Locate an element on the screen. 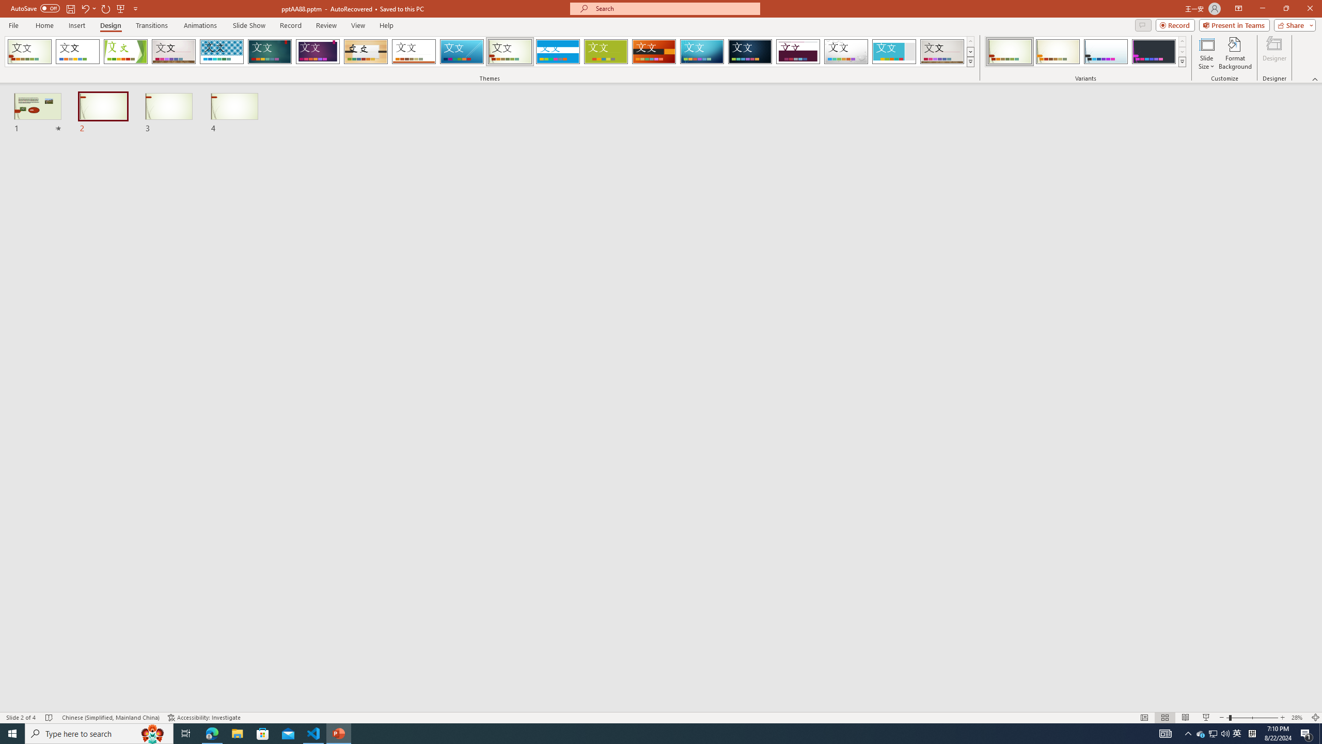 This screenshot has width=1322, height=744. 'Droplet Loading Preview...' is located at coordinates (846, 51).